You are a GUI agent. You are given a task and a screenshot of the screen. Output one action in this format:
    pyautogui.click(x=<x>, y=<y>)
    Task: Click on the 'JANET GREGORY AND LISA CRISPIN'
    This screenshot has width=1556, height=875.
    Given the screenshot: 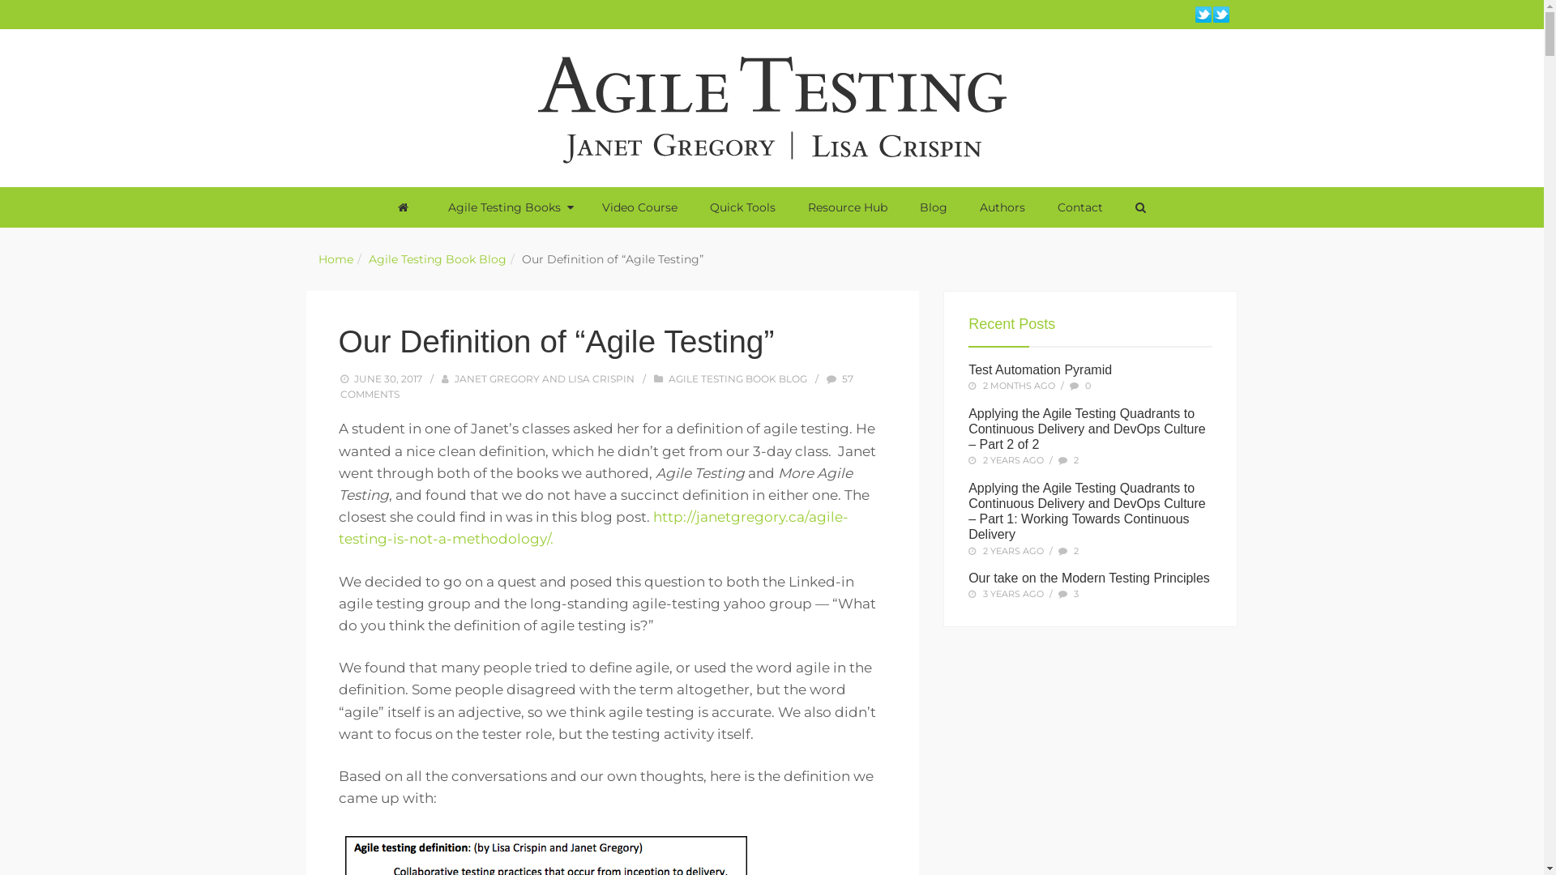 What is the action you would take?
    pyautogui.click(x=545, y=378)
    